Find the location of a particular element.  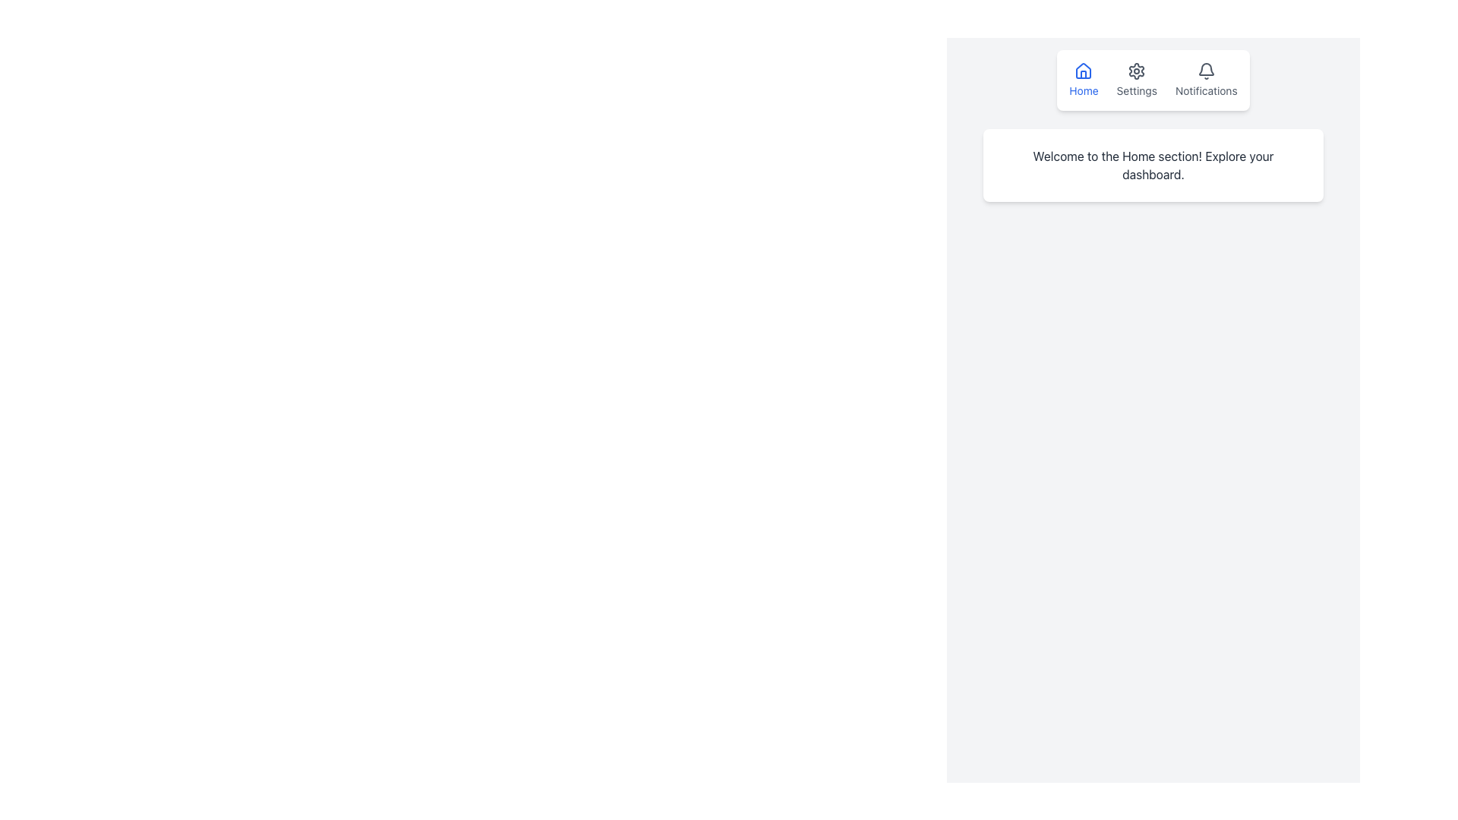

the gear-shaped icon button in the toolbar is located at coordinates (1137, 71).